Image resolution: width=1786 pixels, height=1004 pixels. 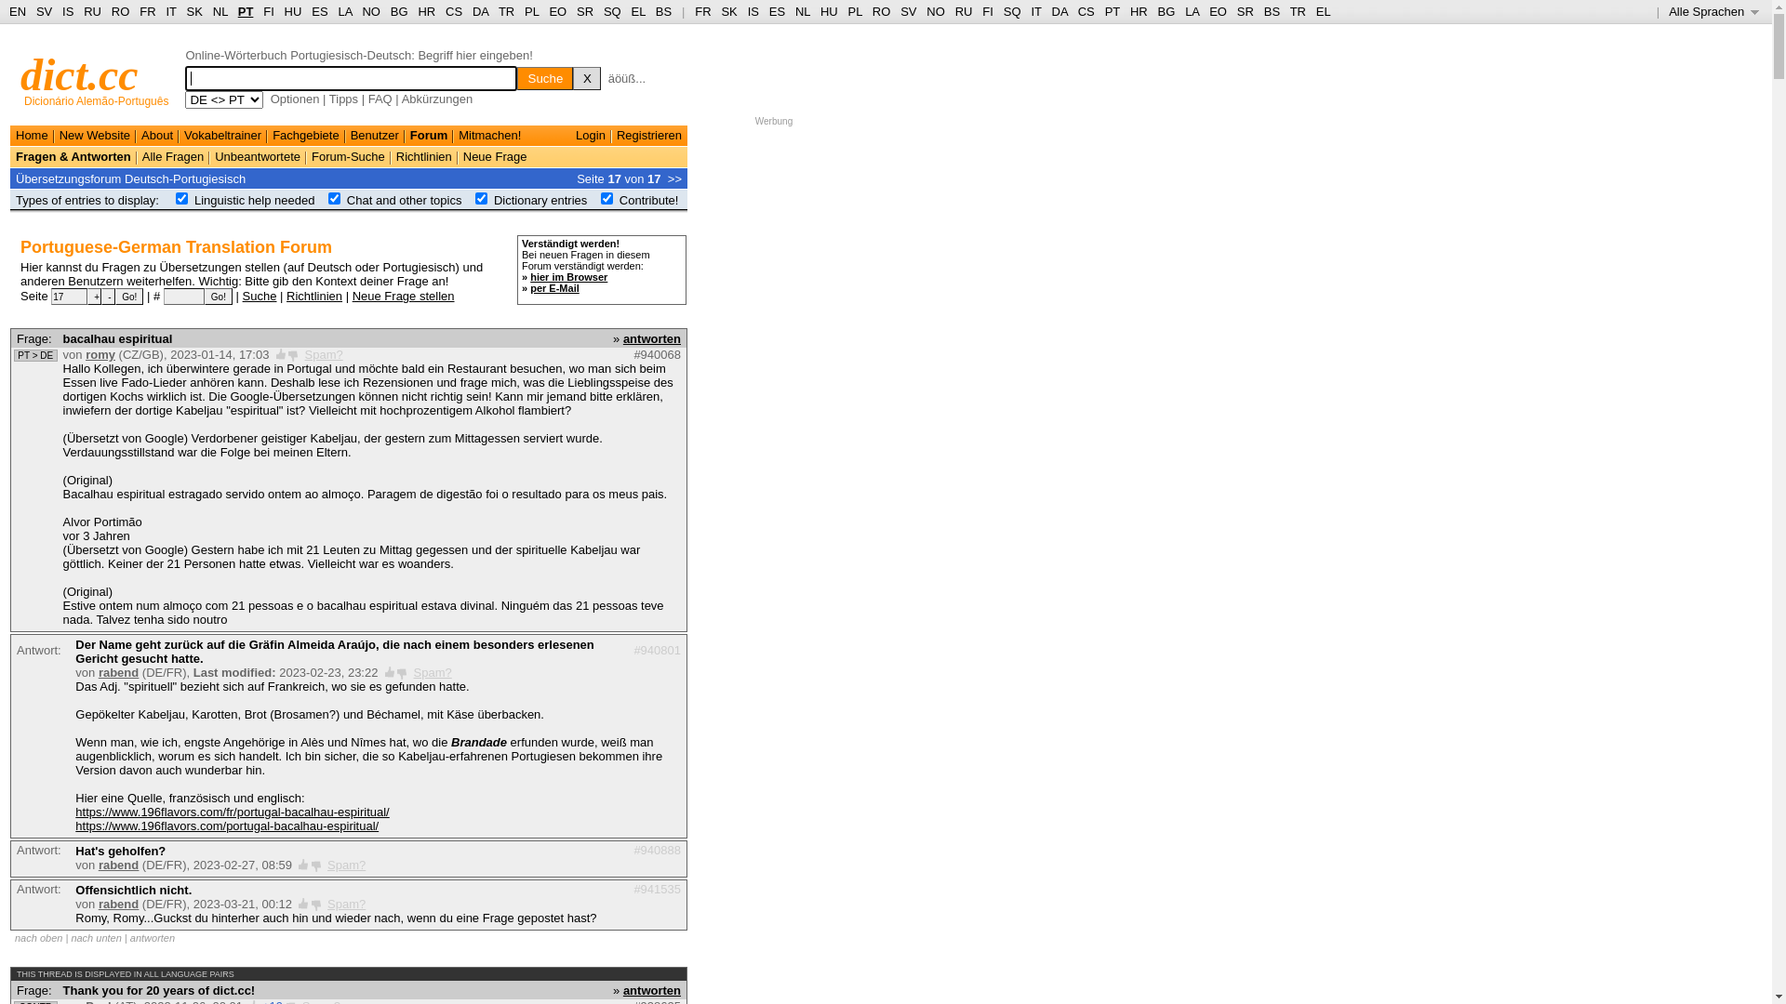 What do you see at coordinates (38, 938) in the screenshot?
I see `'nach oben'` at bounding box center [38, 938].